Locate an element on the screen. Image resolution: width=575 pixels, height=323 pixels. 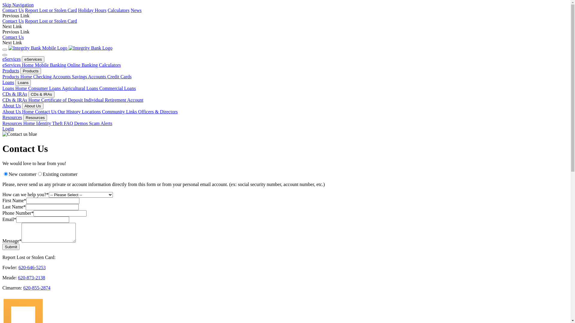
'Calculators' is located at coordinates (119, 10).